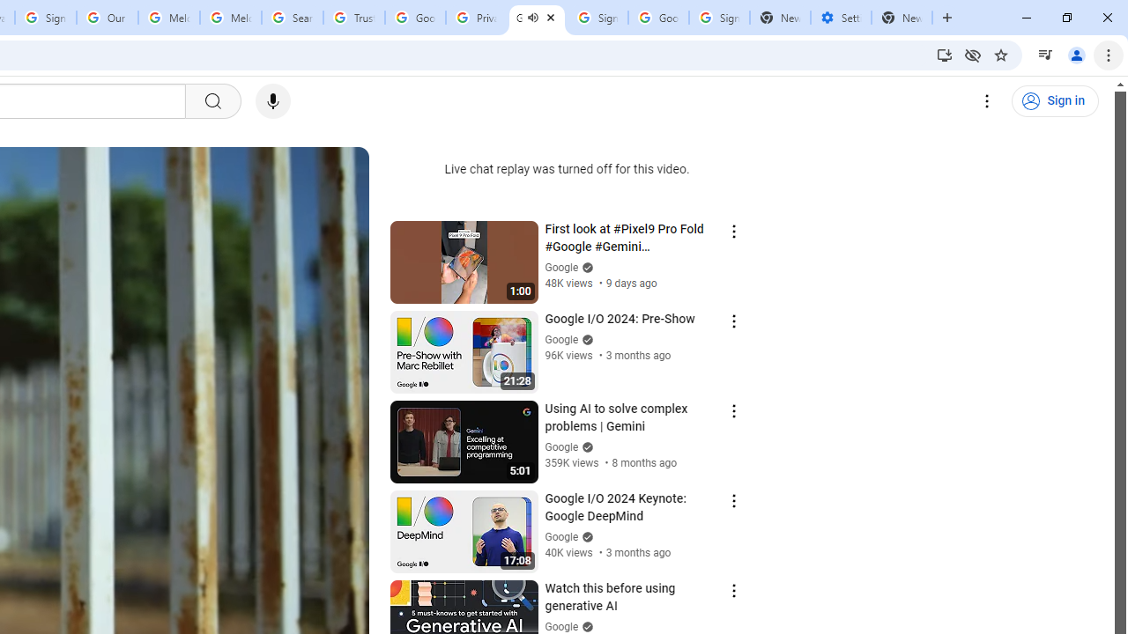 The width and height of the screenshot is (1128, 634). Describe the element at coordinates (293, 18) in the screenshot. I see `'Search our Doodle Library Collection - Google Doodles'` at that location.